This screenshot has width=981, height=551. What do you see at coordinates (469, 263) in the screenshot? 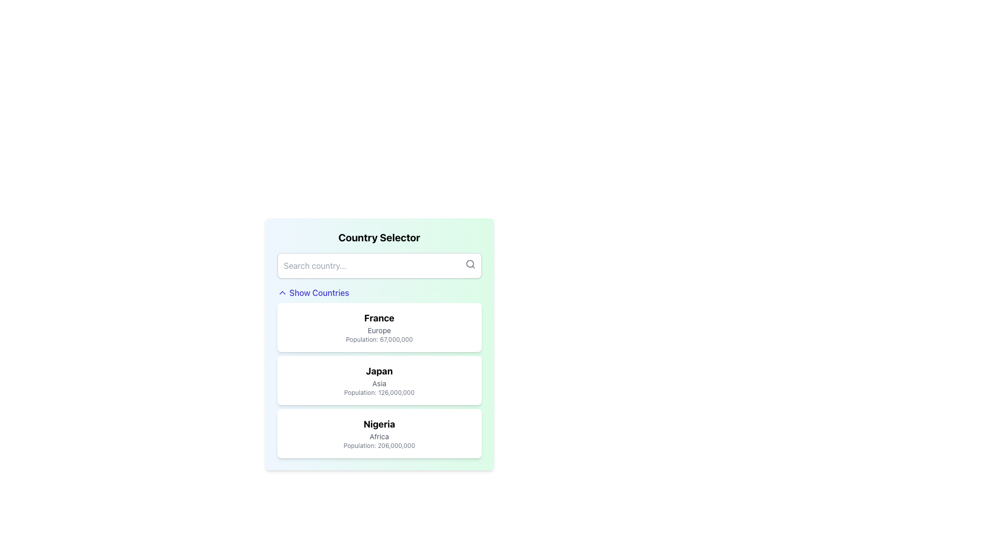
I see `inner circular component of the search icon located to the right of the search text input field by clicking on it` at bounding box center [469, 263].